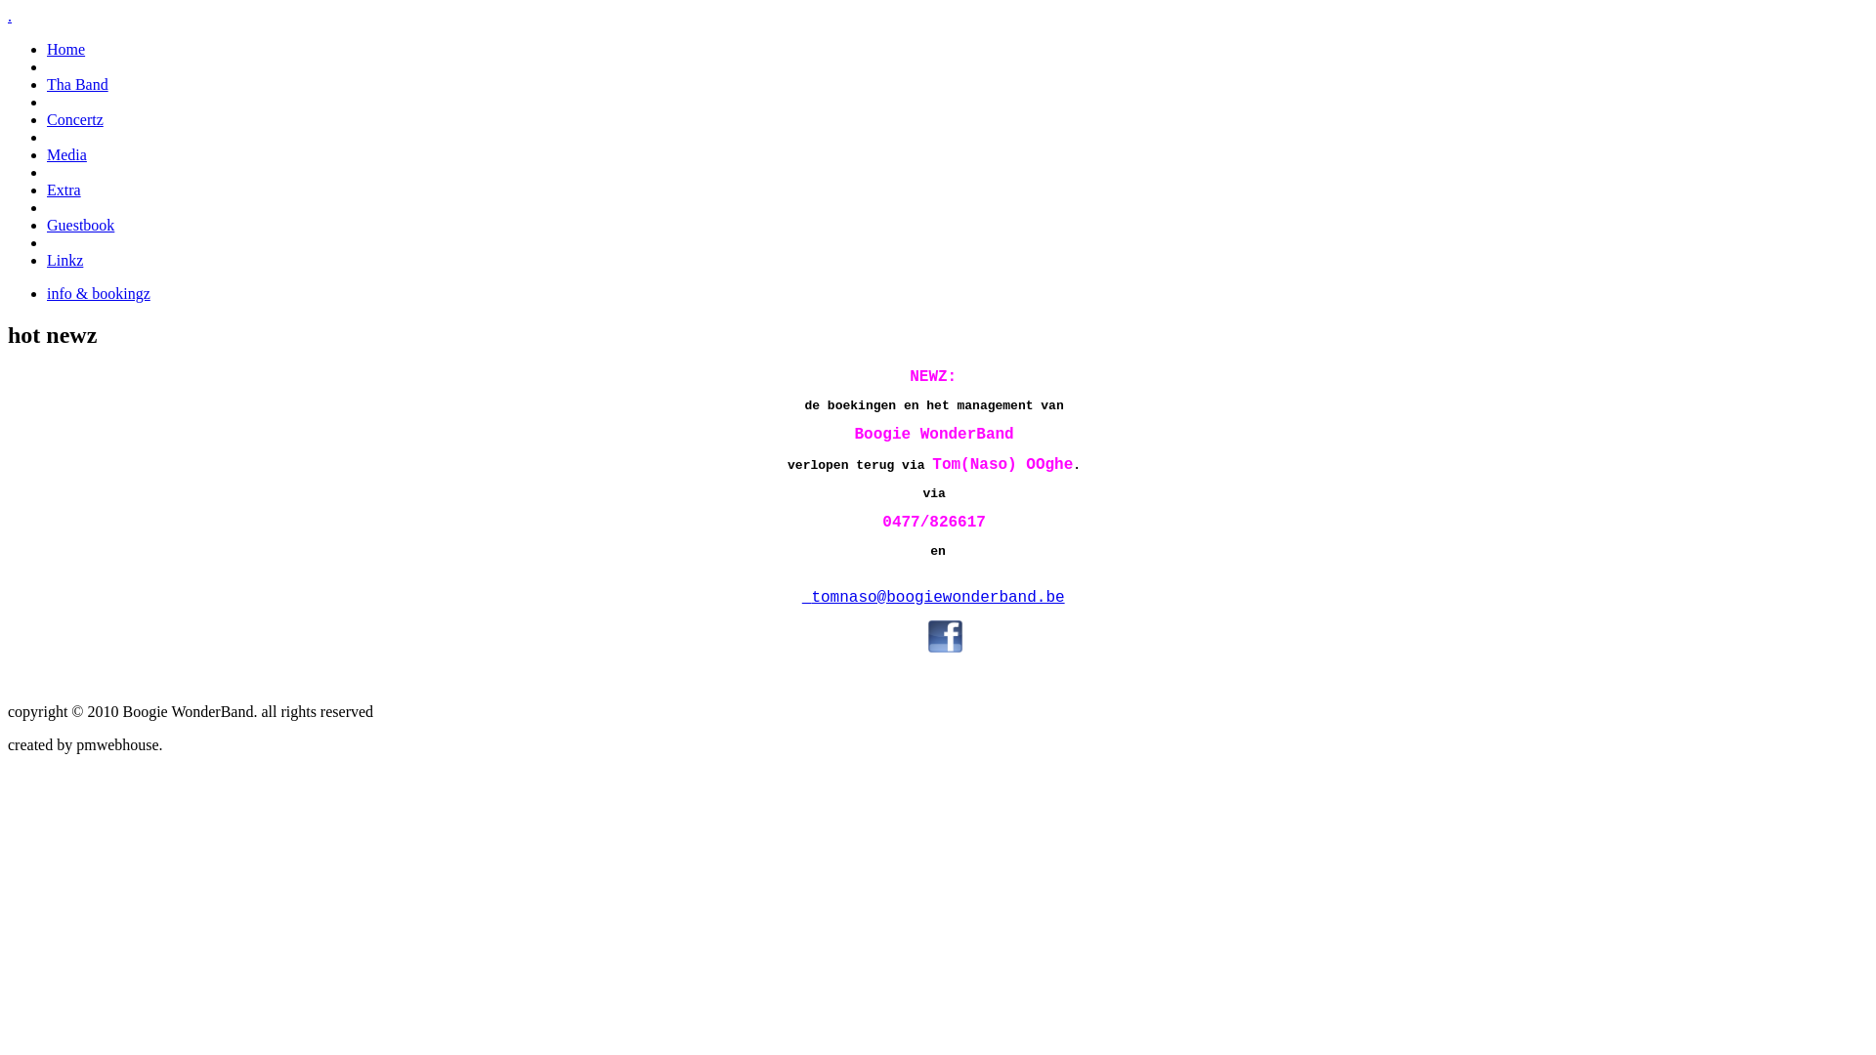 This screenshot has height=1055, width=1876. I want to click on 'tomnaso@boogiewonderband.be', so click(936, 597).